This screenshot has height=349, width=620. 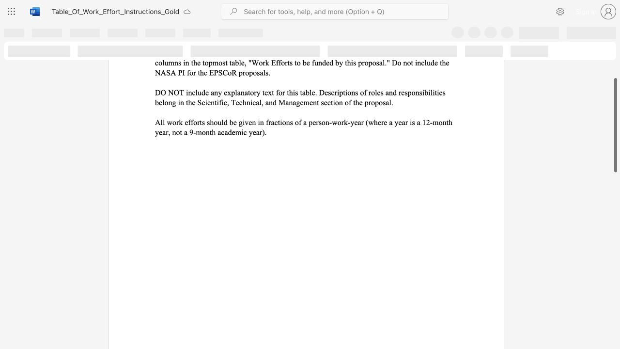 What do you see at coordinates (615, 125) in the screenshot?
I see `the scrollbar and move up 210 pixels` at bounding box center [615, 125].